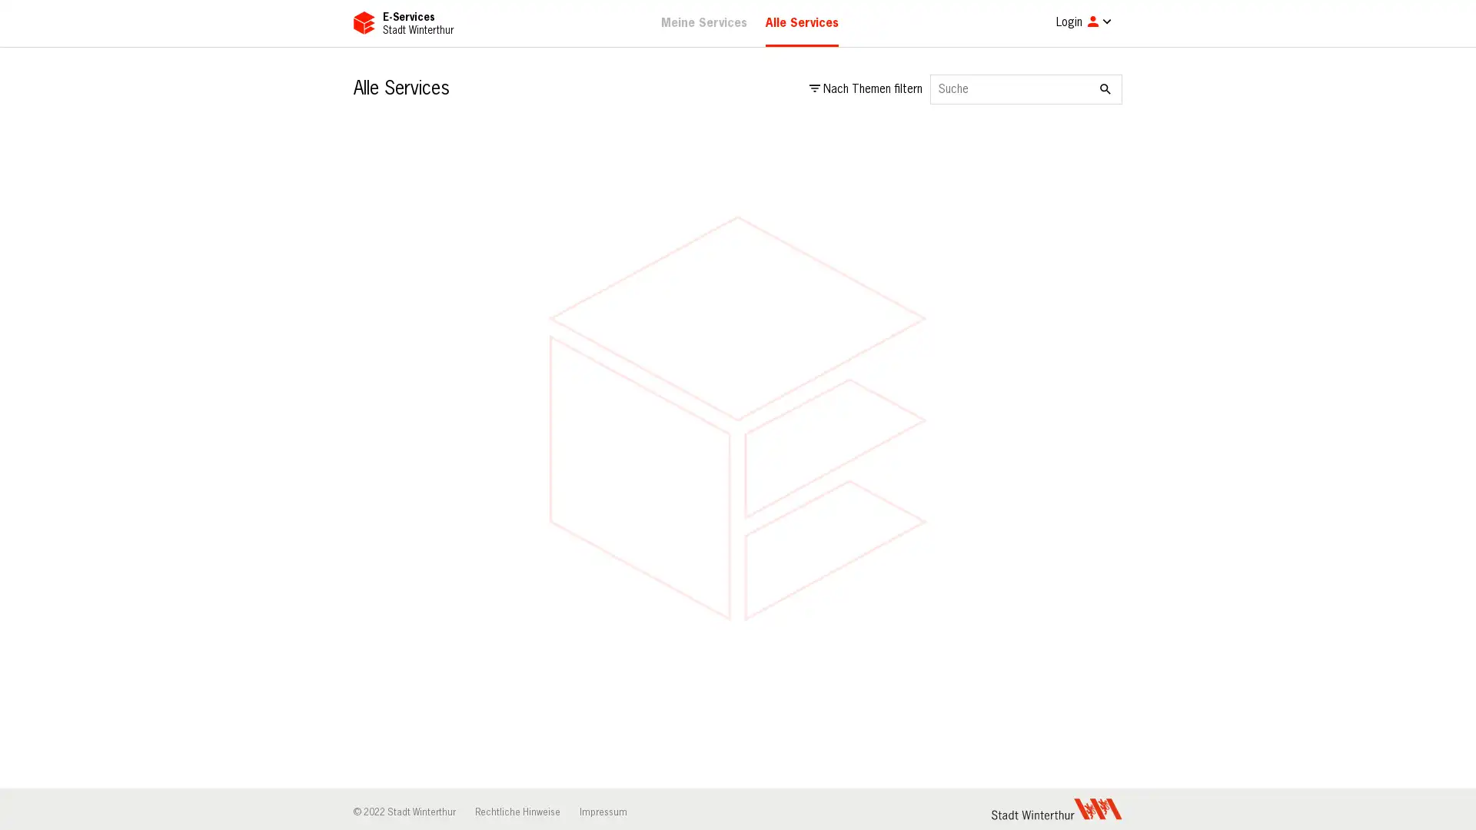 The width and height of the screenshot is (1476, 830). What do you see at coordinates (1099, 318) in the screenshot?
I see `Service Anzeige erstatten zu Meine Services hinzufugen` at bounding box center [1099, 318].